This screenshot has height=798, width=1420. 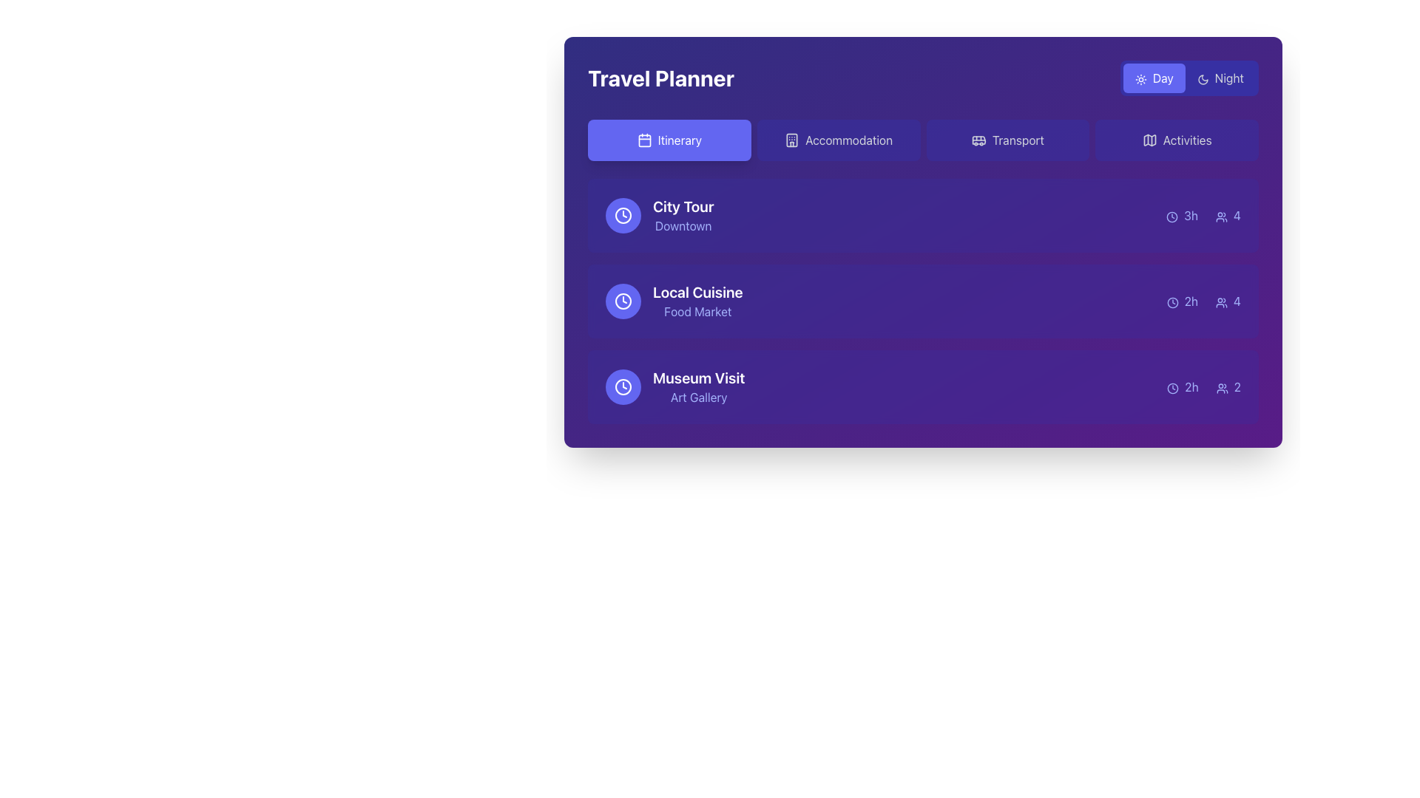 I want to click on the 'Museum Visit' text label which is the third item in a vertical list within a purple panel, displaying 'Museum Visit' in white bold font and 'Art Gallery' in light purple smaller font, so click(x=698, y=386).